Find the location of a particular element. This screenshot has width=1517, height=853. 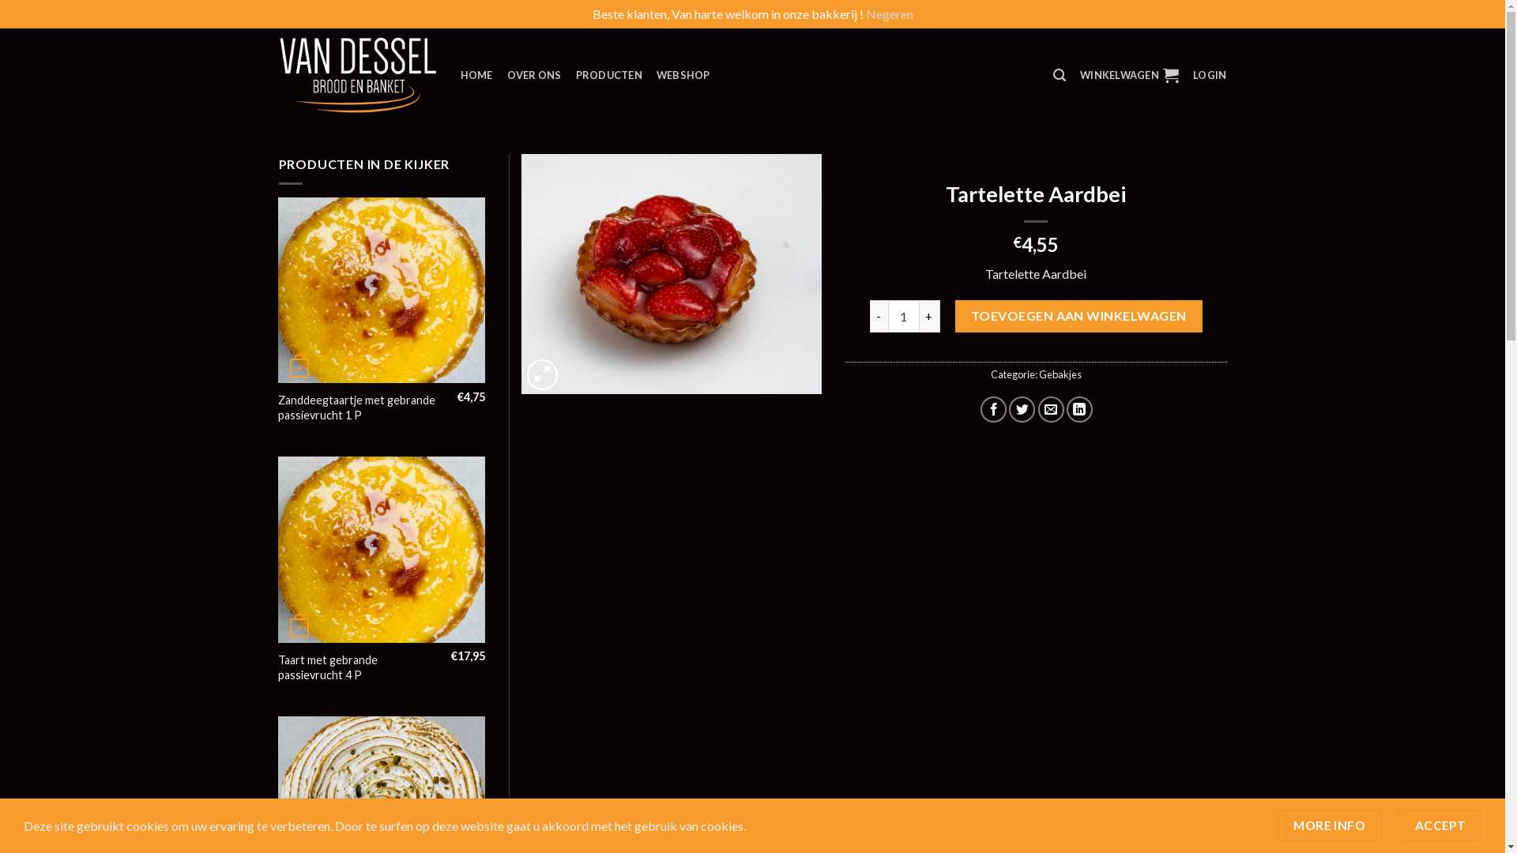

'Zoom' is located at coordinates (542, 374).